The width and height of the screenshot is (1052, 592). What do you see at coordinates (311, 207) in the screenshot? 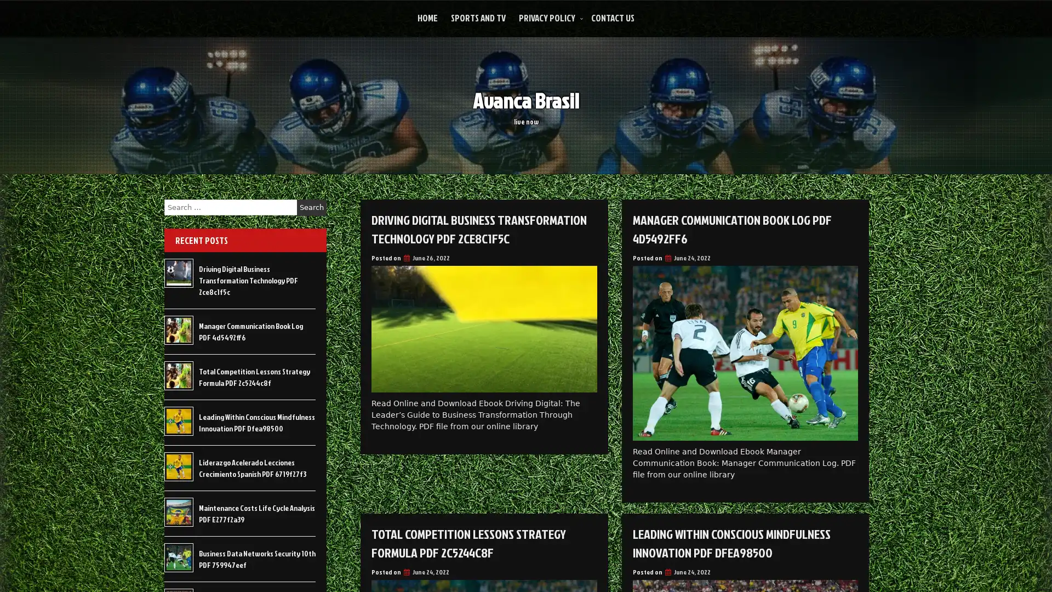
I see `Search` at bounding box center [311, 207].